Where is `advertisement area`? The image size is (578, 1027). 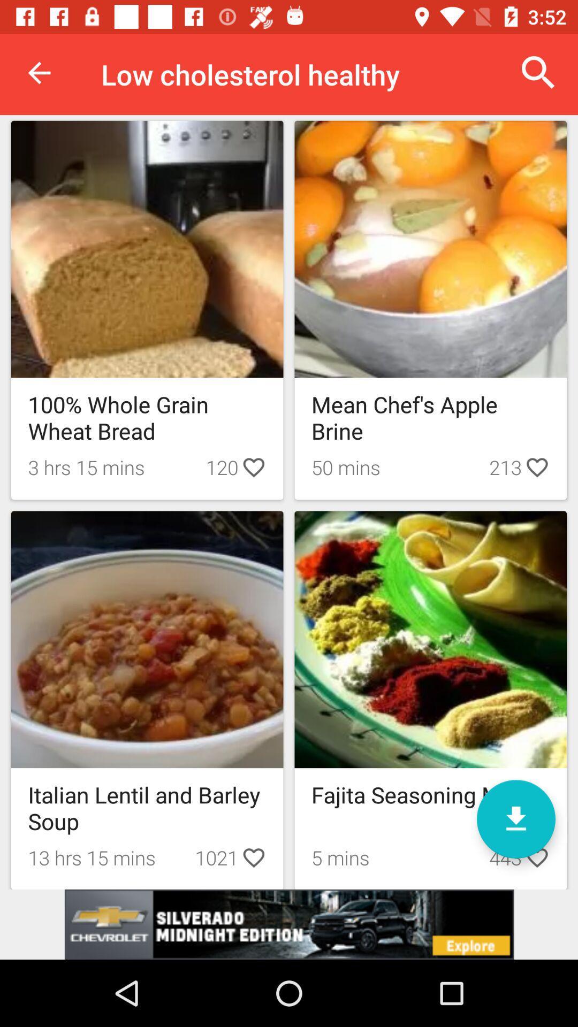
advertisement area is located at coordinates (289, 924).